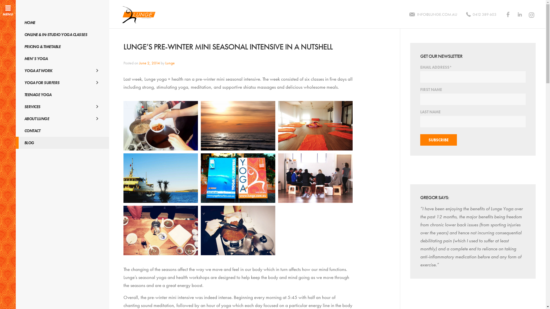 Image resolution: width=550 pixels, height=309 pixels. Describe the element at coordinates (62, 22) in the screenshot. I see `'HOME'` at that location.